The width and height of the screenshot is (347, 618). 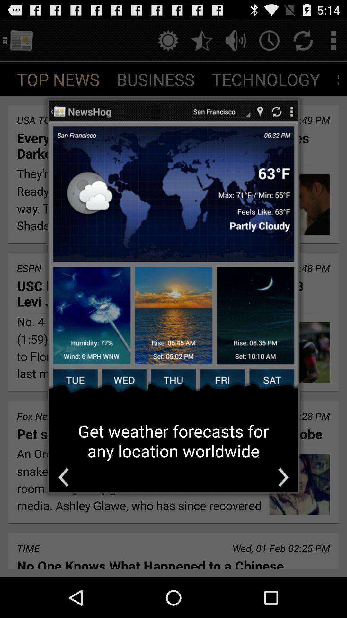 I want to click on go bacl, so click(x=63, y=477).